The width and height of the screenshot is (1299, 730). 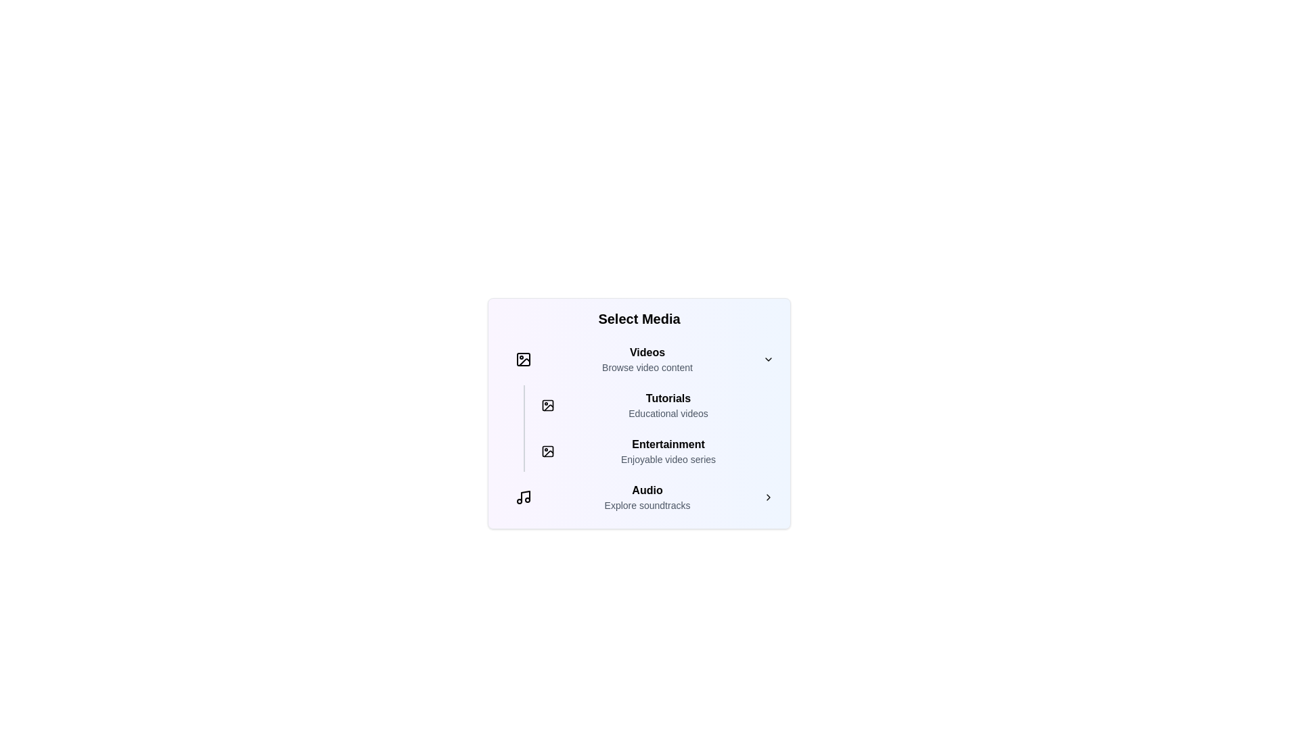 What do you see at coordinates (646, 351) in the screenshot?
I see `the bold text label 'Videos' located at the top of its section, which is styled with a large font and centered above a subtitle` at bounding box center [646, 351].